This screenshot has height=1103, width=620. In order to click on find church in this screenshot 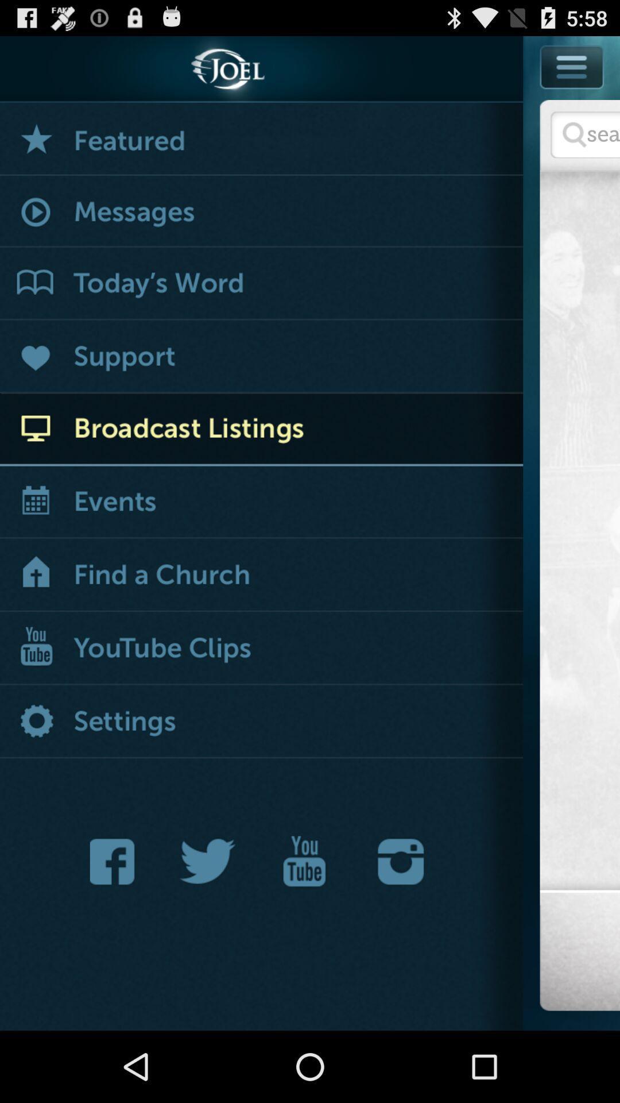, I will do `click(261, 576)`.